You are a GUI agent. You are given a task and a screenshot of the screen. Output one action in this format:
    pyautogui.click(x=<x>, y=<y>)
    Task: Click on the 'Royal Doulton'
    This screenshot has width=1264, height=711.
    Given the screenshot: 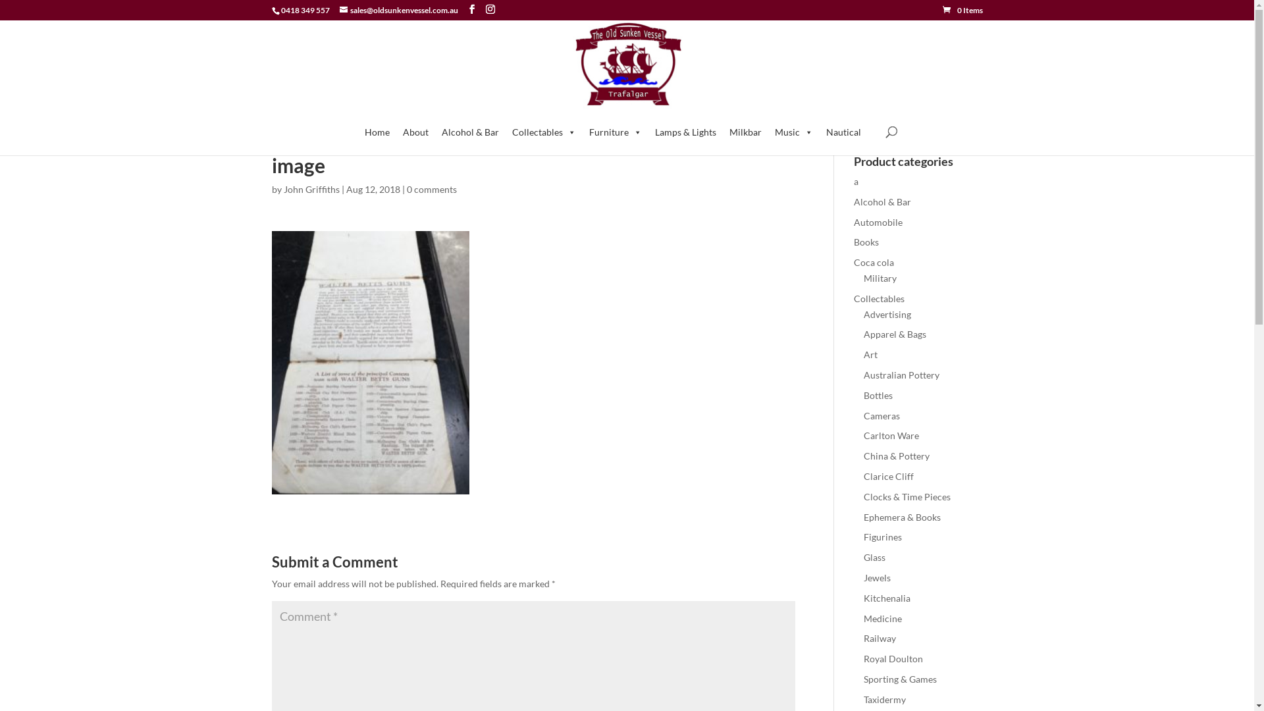 What is the action you would take?
    pyautogui.click(x=893, y=658)
    